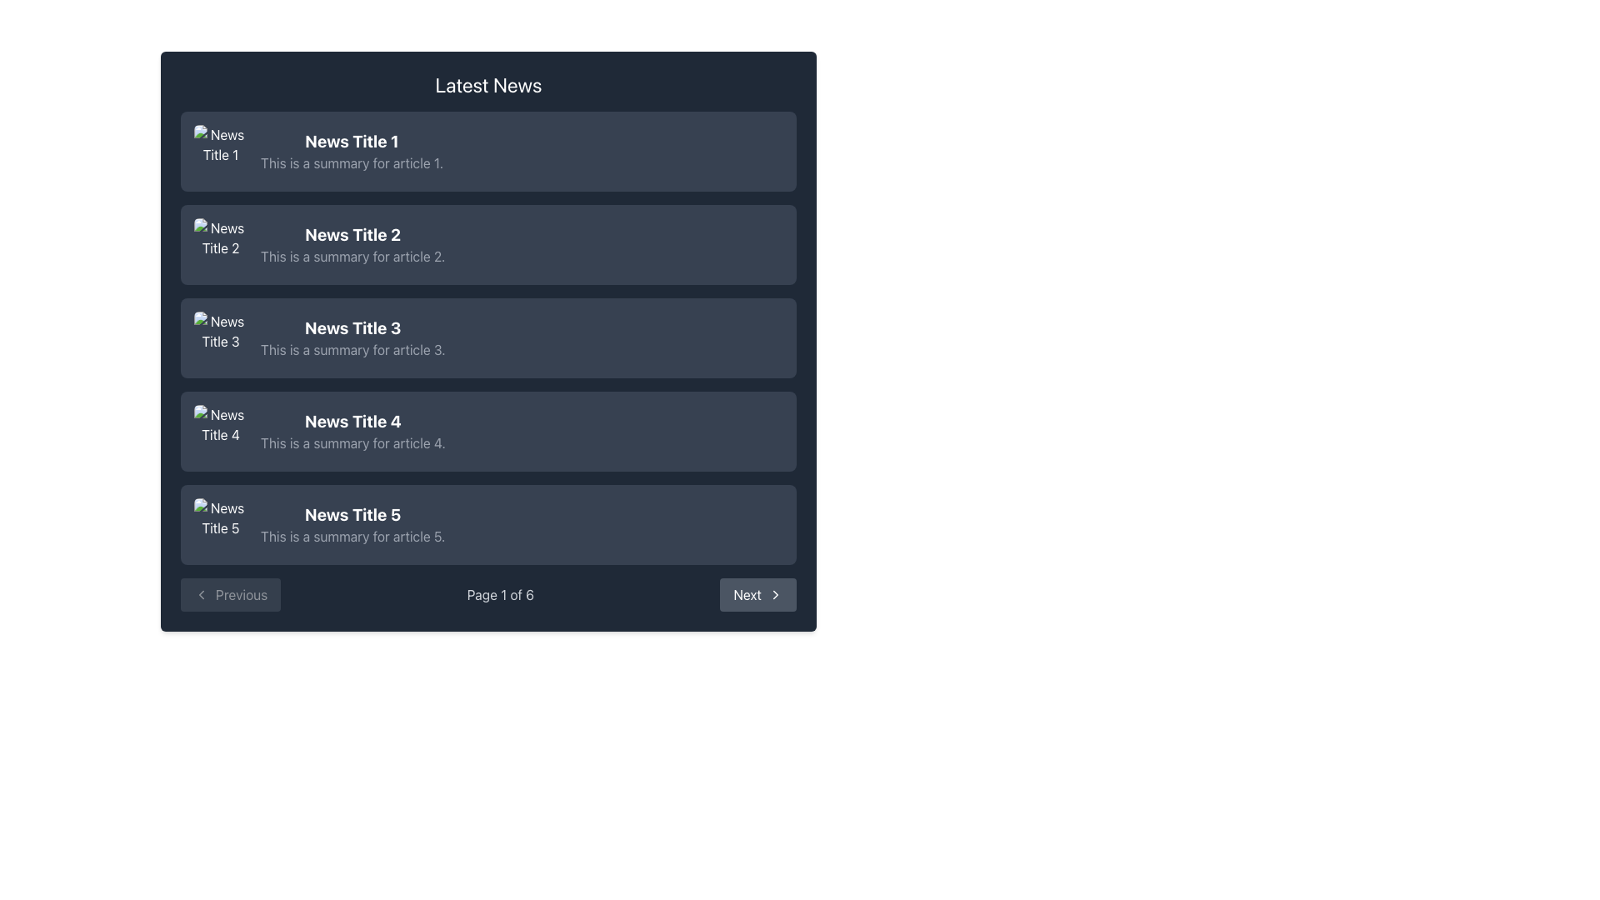 The image size is (1600, 900). I want to click on summary text for the article titled 'News Title 1', which is positioned below the title within the first news item block, so click(351, 163).